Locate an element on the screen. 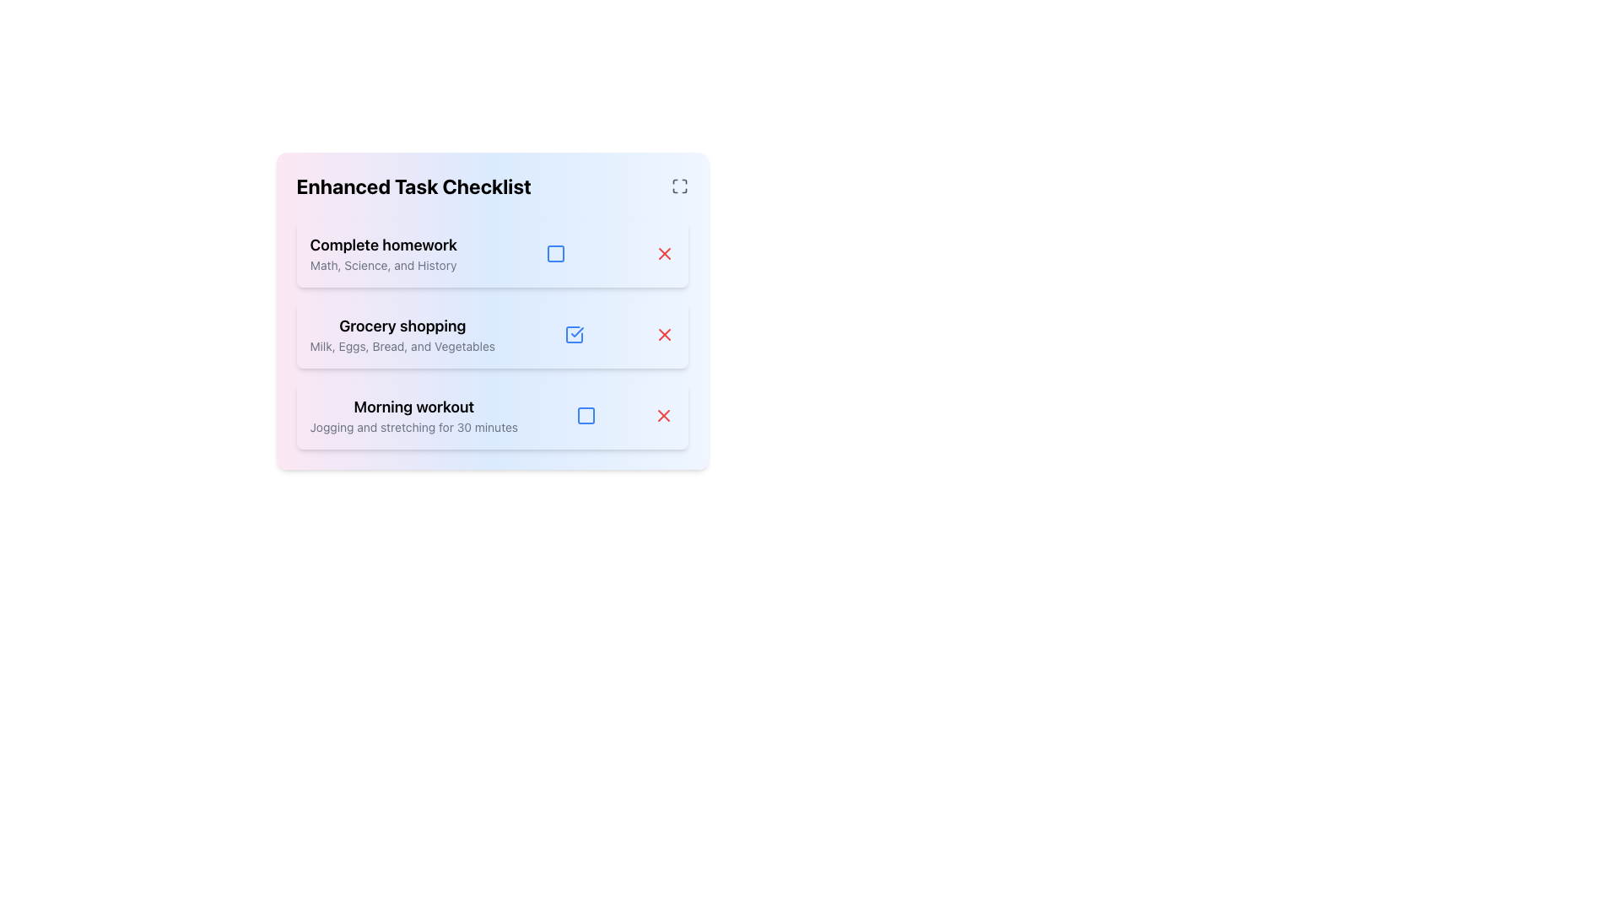 The height and width of the screenshot is (911, 1620). the checkbox located in the second row of the checklist, directly is located at coordinates (575, 335).